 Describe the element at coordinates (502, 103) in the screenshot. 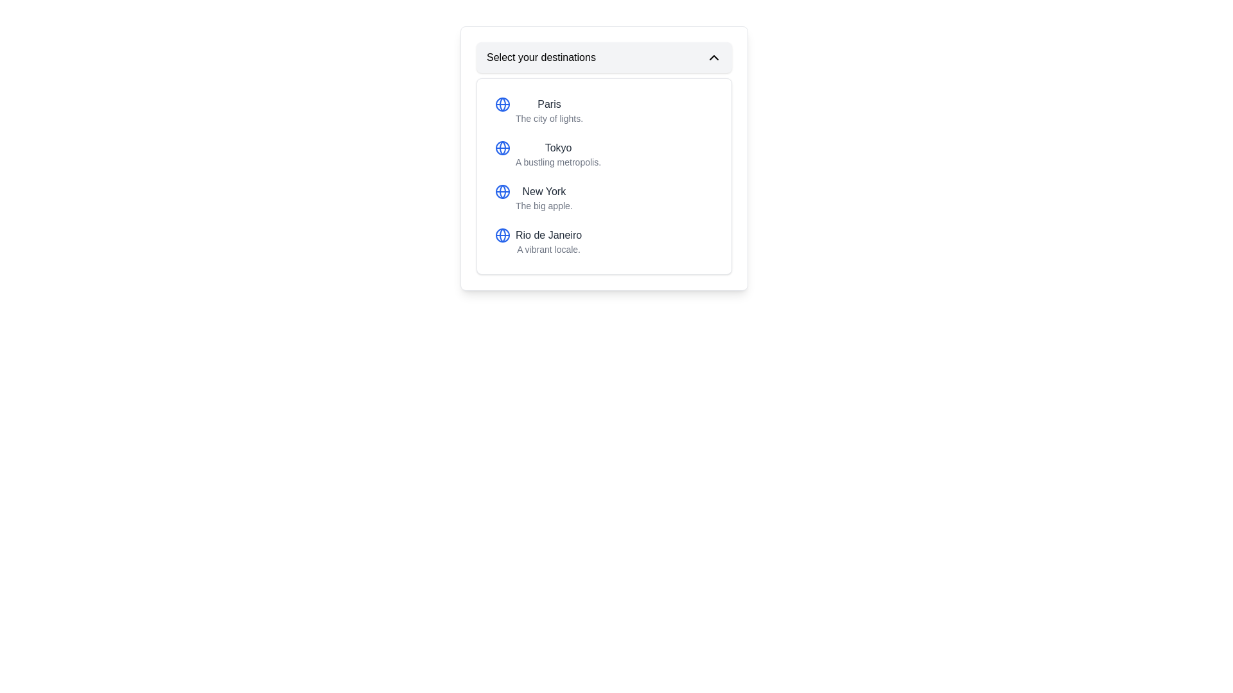

I see `the blue globe icon represented by the SVG Circle next to the text 'Paris - The city of lights' in the dropdown menu` at that location.